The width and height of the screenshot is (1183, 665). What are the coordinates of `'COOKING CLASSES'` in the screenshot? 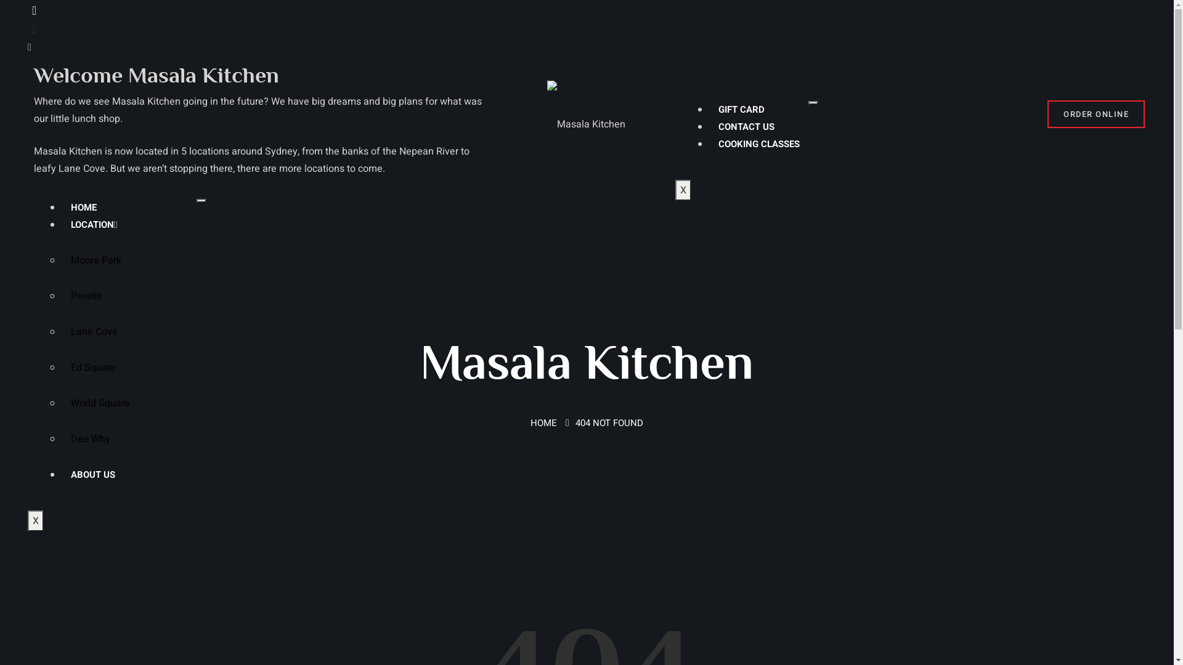 It's located at (709, 143).